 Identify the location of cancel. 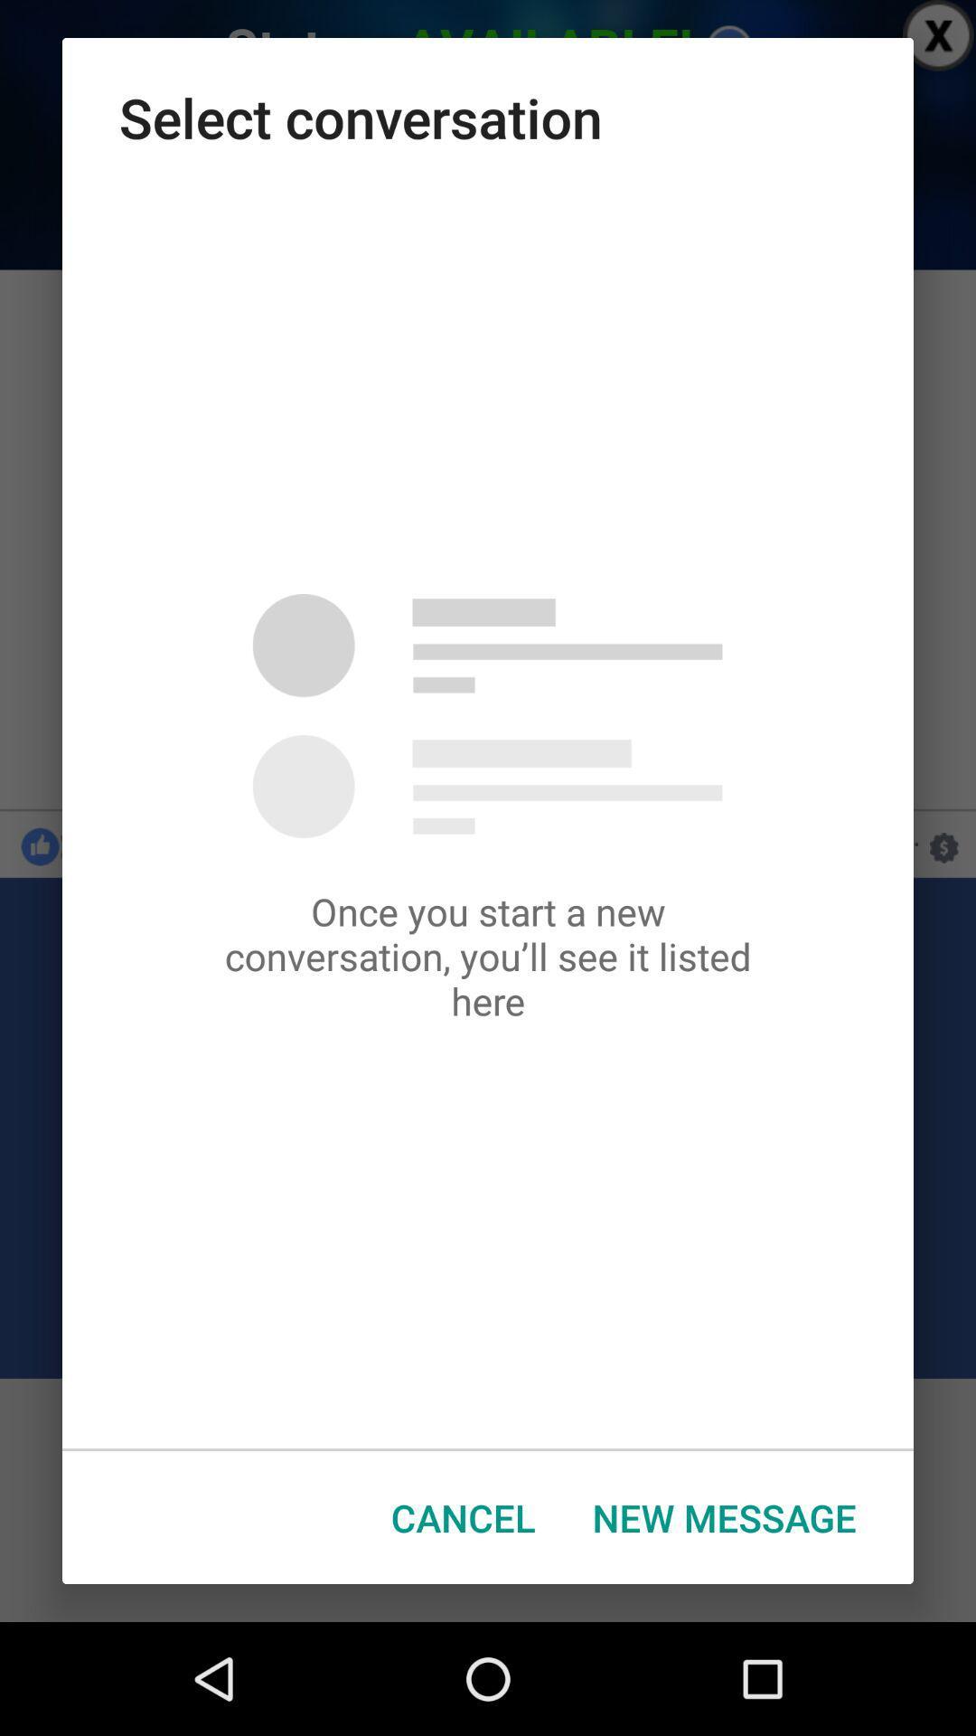
(462, 1517).